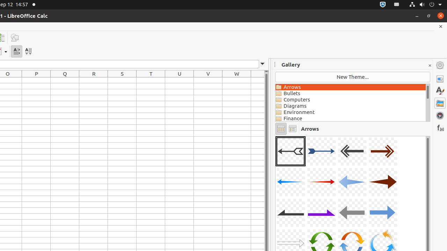 The height and width of the screenshot is (251, 447). Describe the element at coordinates (440, 78) in the screenshot. I see `'Properties'` at that location.